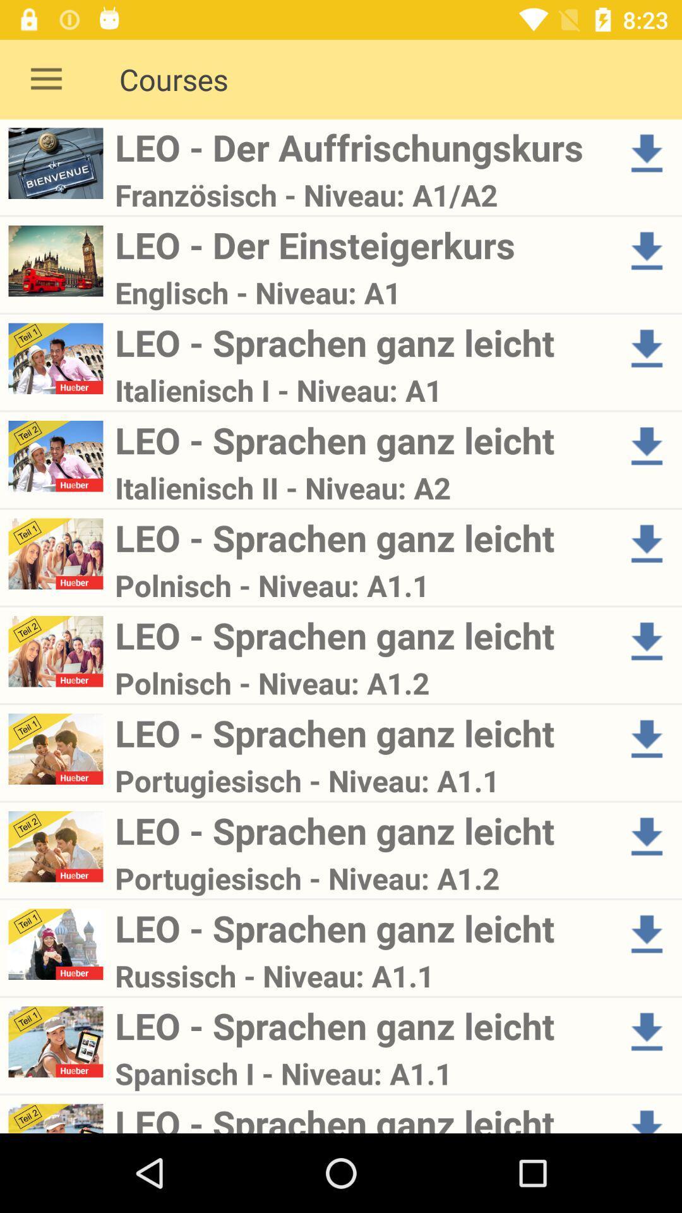 The height and width of the screenshot is (1213, 682). I want to click on icon above the leo sprachen ganz item, so click(362, 1073).